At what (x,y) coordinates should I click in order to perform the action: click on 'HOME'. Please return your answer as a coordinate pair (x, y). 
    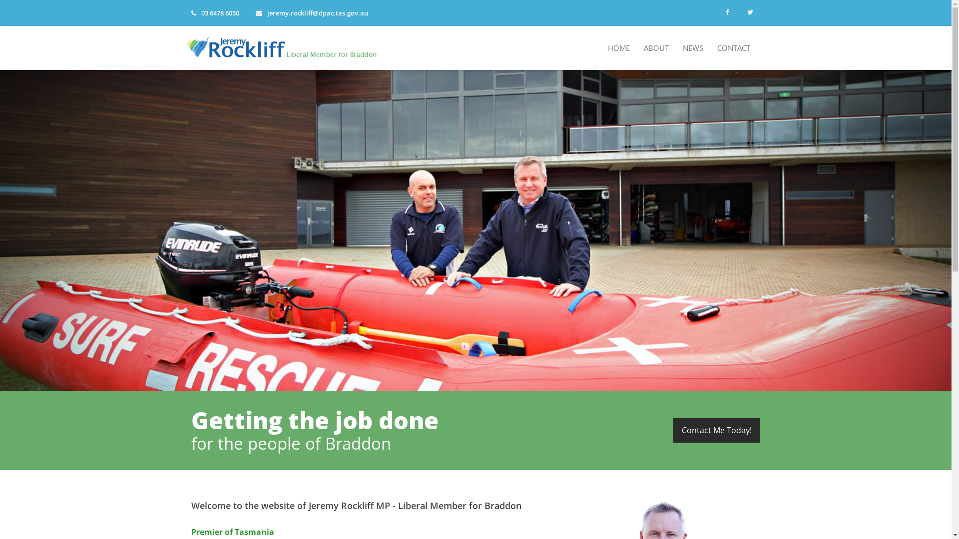
    Looking at the image, I should click on (602, 48).